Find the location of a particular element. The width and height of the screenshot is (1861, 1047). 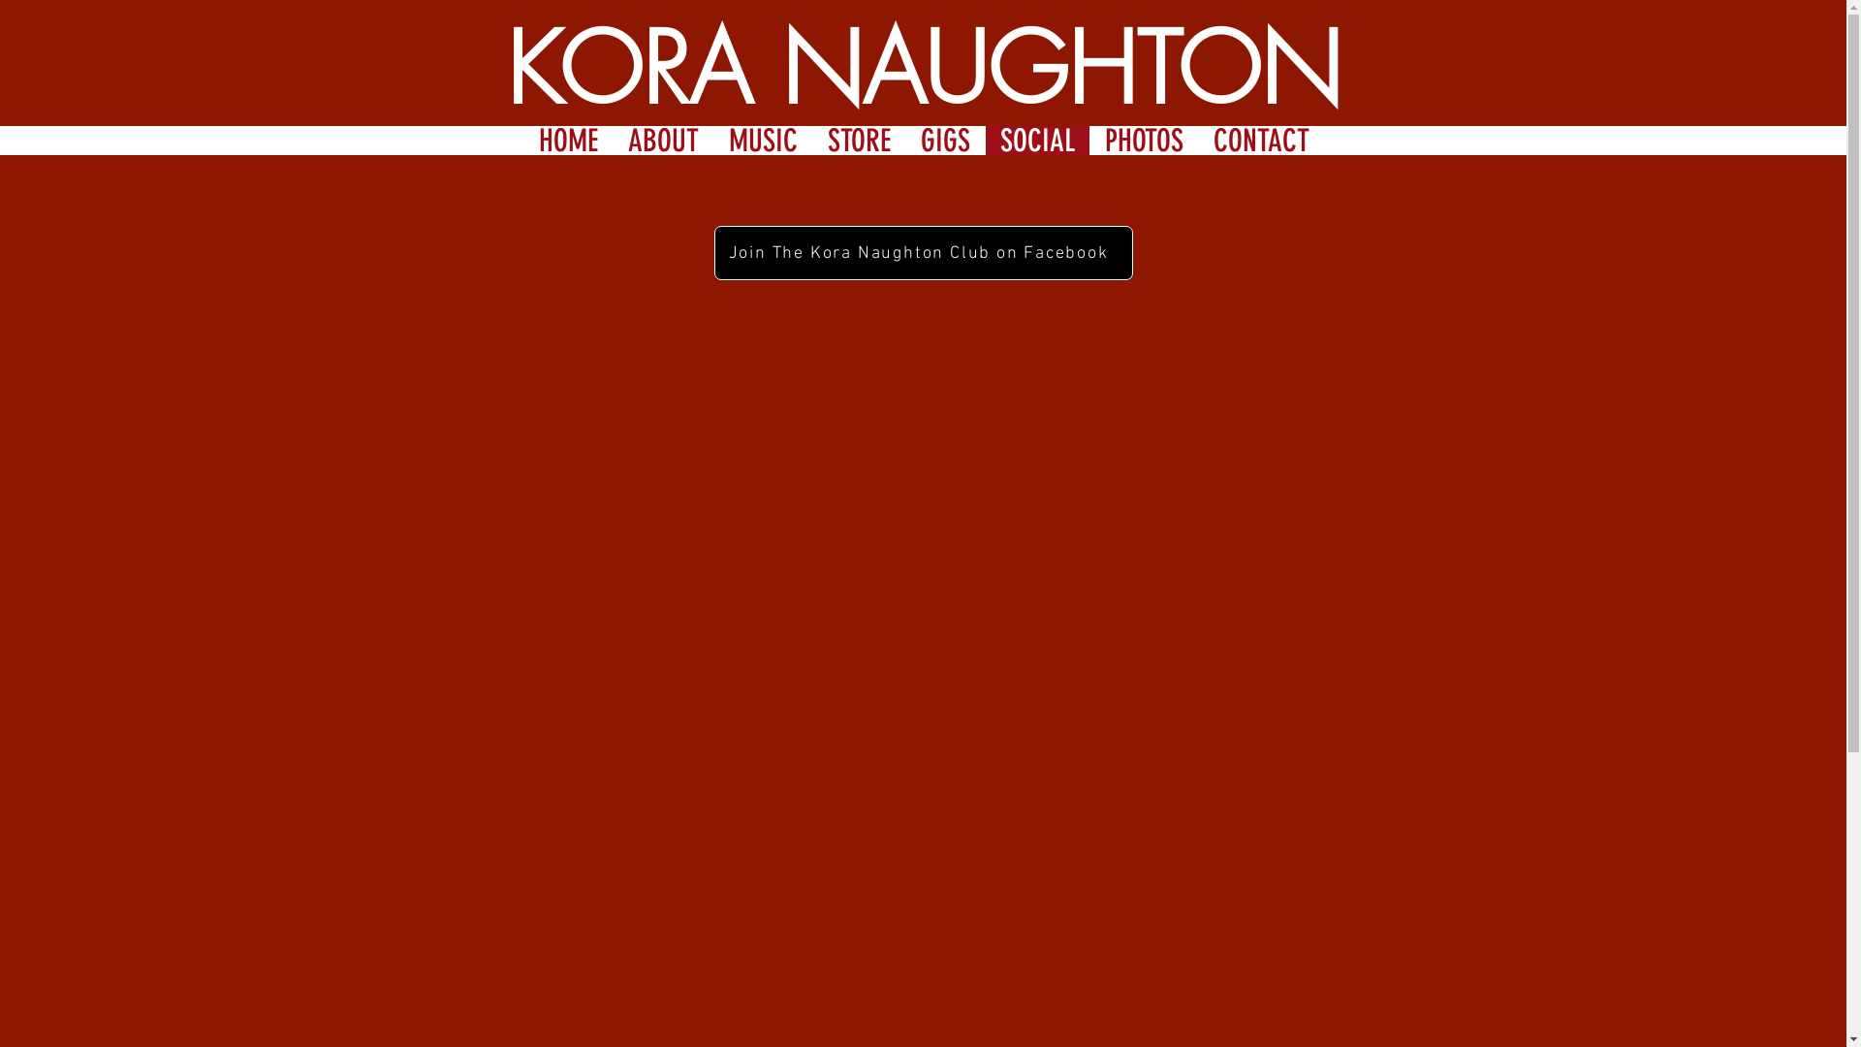

'MUSIC' is located at coordinates (762, 140).